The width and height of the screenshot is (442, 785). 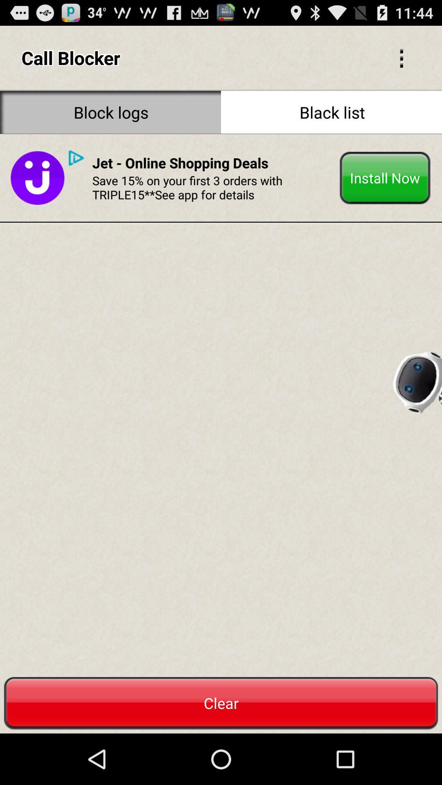 What do you see at coordinates (385, 177) in the screenshot?
I see `the install now button on the web page` at bounding box center [385, 177].